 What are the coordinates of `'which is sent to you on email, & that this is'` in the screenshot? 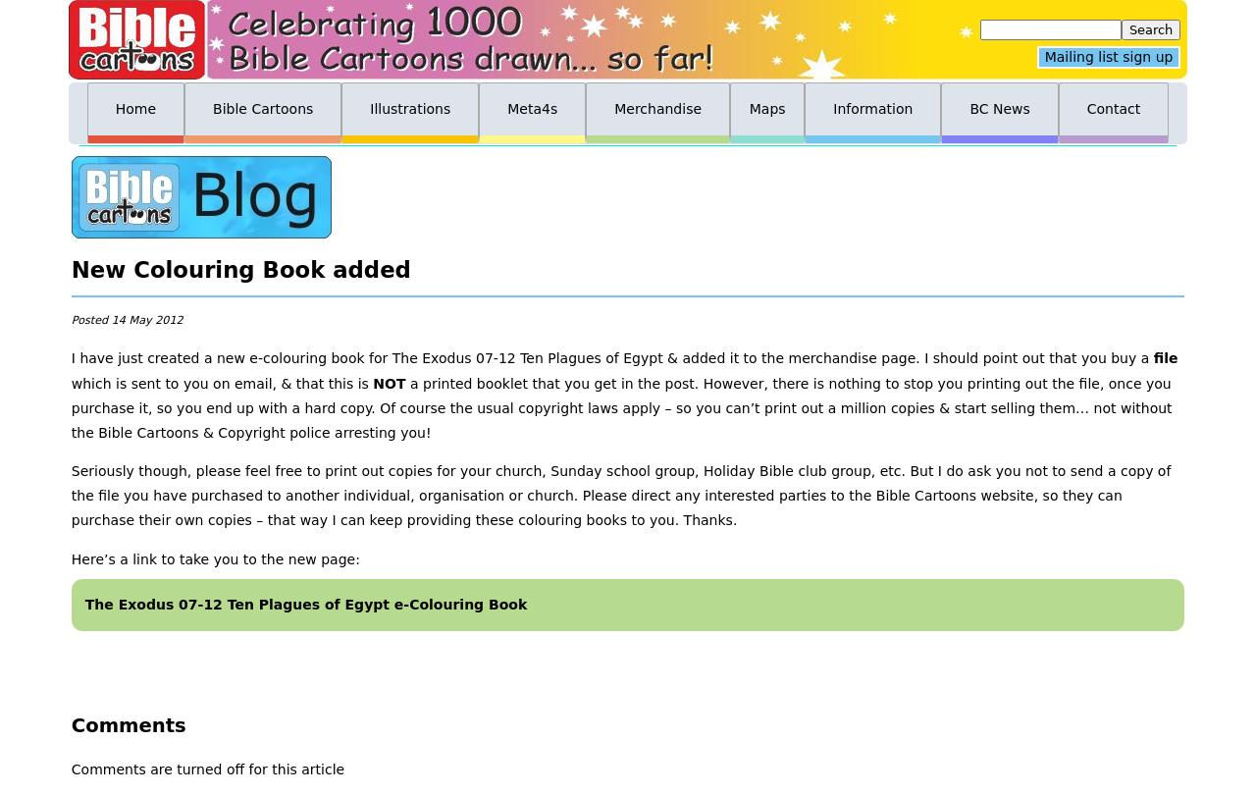 It's located at (222, 382).